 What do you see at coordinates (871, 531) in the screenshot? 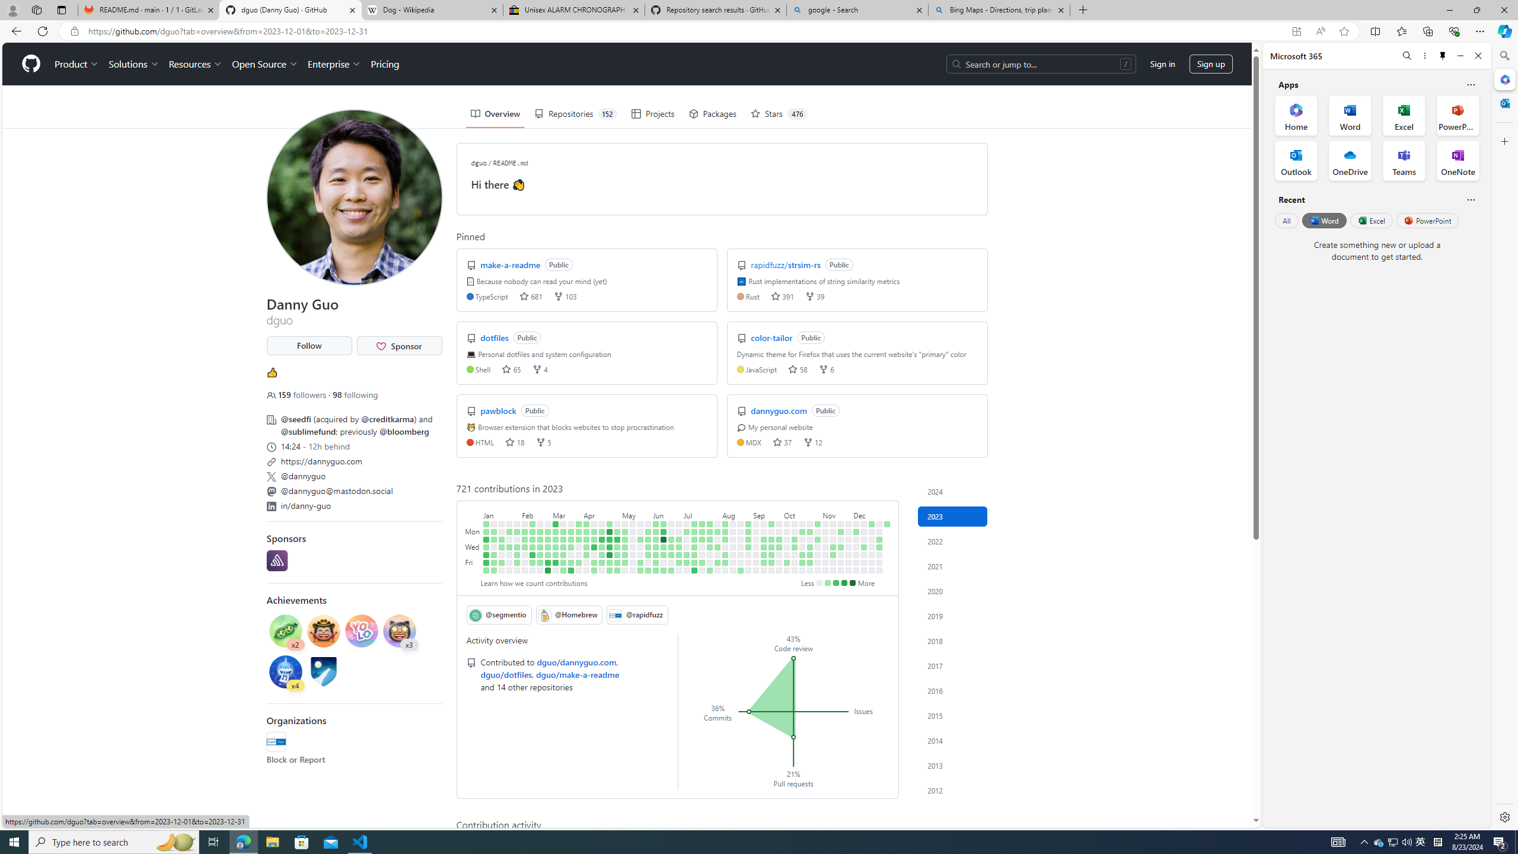
I see `'No contributions on December 18th.'` at bounding box center [871, 531].